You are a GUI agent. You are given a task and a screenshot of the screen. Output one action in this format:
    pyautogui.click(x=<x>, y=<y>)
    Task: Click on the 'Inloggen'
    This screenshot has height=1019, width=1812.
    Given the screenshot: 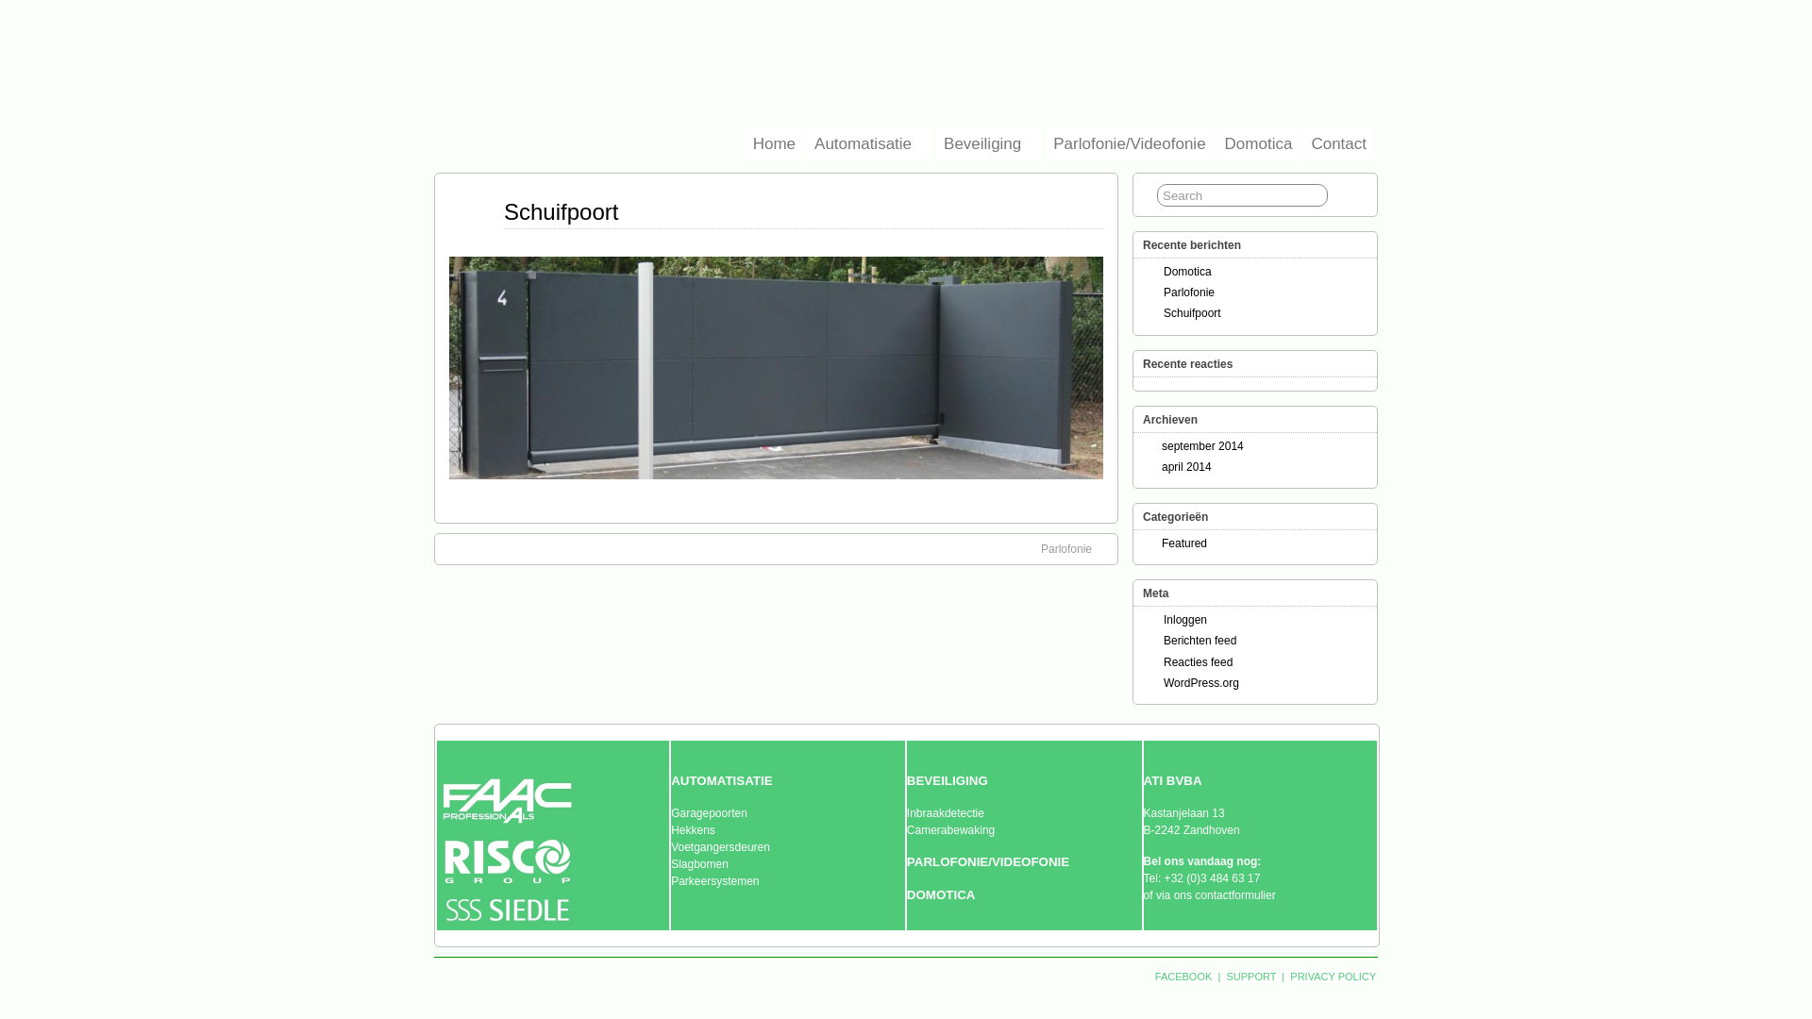 What is the action you would take?
    pyautogui.click(x=1184, y=619)
    